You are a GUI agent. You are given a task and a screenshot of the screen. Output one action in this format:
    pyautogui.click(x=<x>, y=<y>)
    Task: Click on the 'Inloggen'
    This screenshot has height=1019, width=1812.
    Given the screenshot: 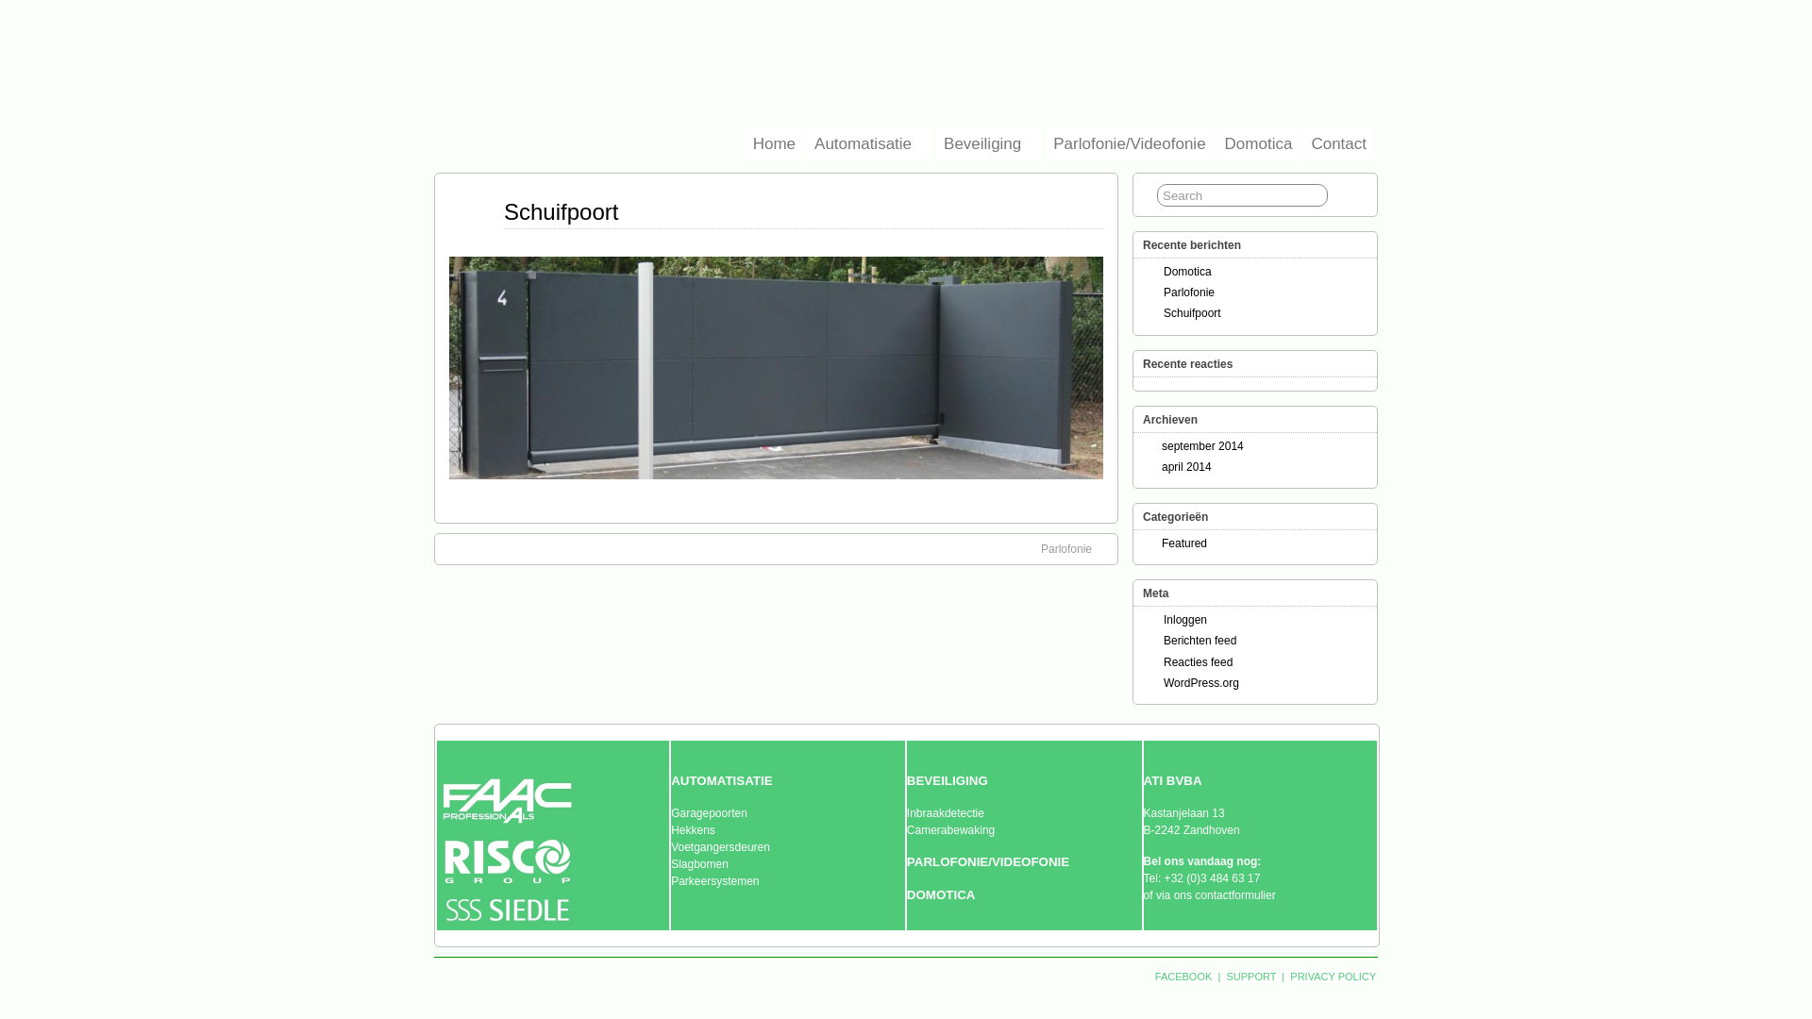 What is the action you would take?
    pyautogui.click(x=1184, y=619)
    